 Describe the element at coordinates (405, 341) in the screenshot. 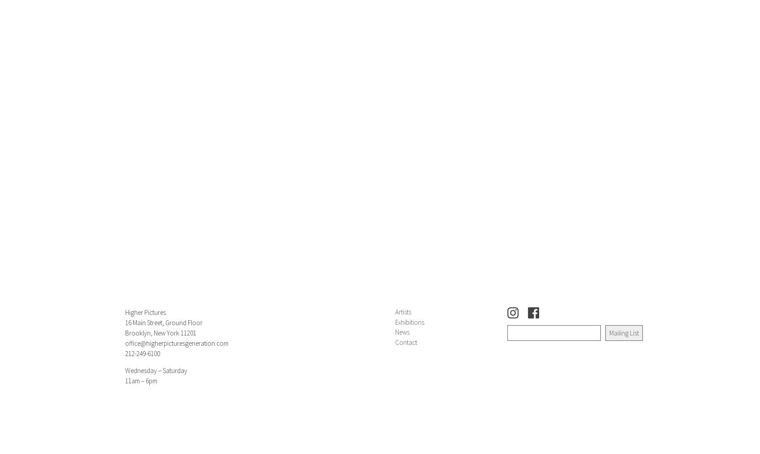

I see `'Contact'` at that location.